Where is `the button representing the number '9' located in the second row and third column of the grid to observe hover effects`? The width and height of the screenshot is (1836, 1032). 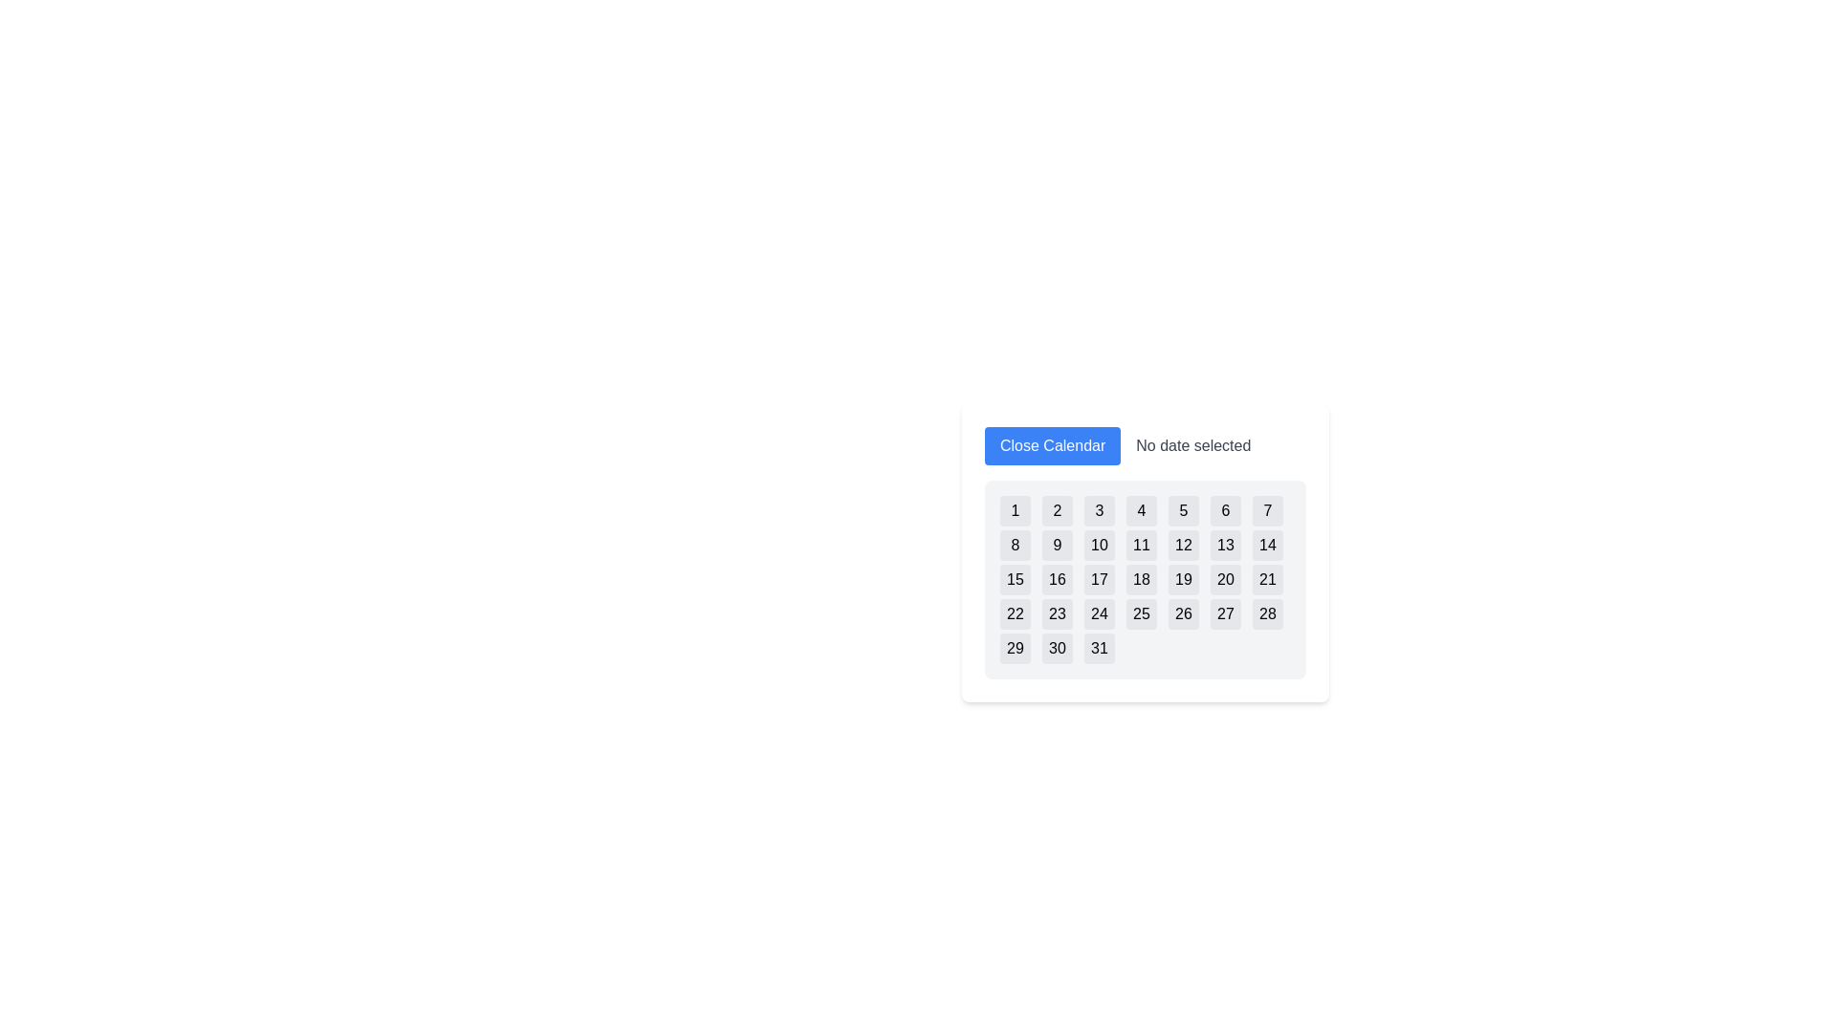 the button representing the number '9' located in the second row and third column of the grid to observe hover effects is located at coordinates (1056, 545).